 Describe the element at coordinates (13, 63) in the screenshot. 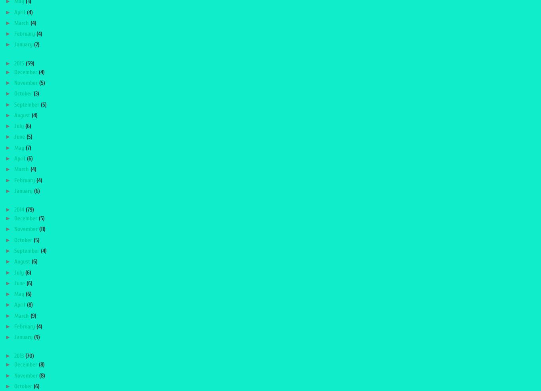

I see `'2015'` at that location.